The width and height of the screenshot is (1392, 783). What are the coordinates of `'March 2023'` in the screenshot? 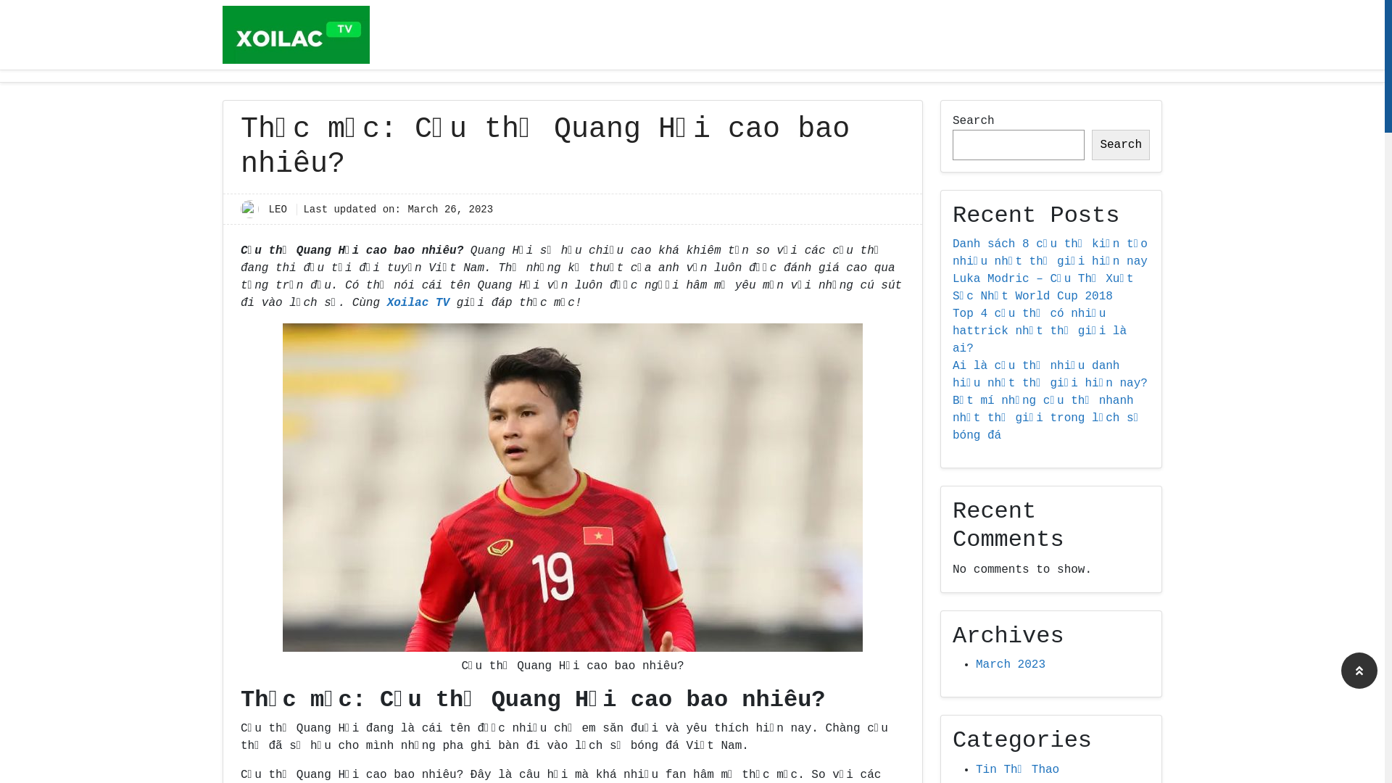 It's located at (1009, 665).